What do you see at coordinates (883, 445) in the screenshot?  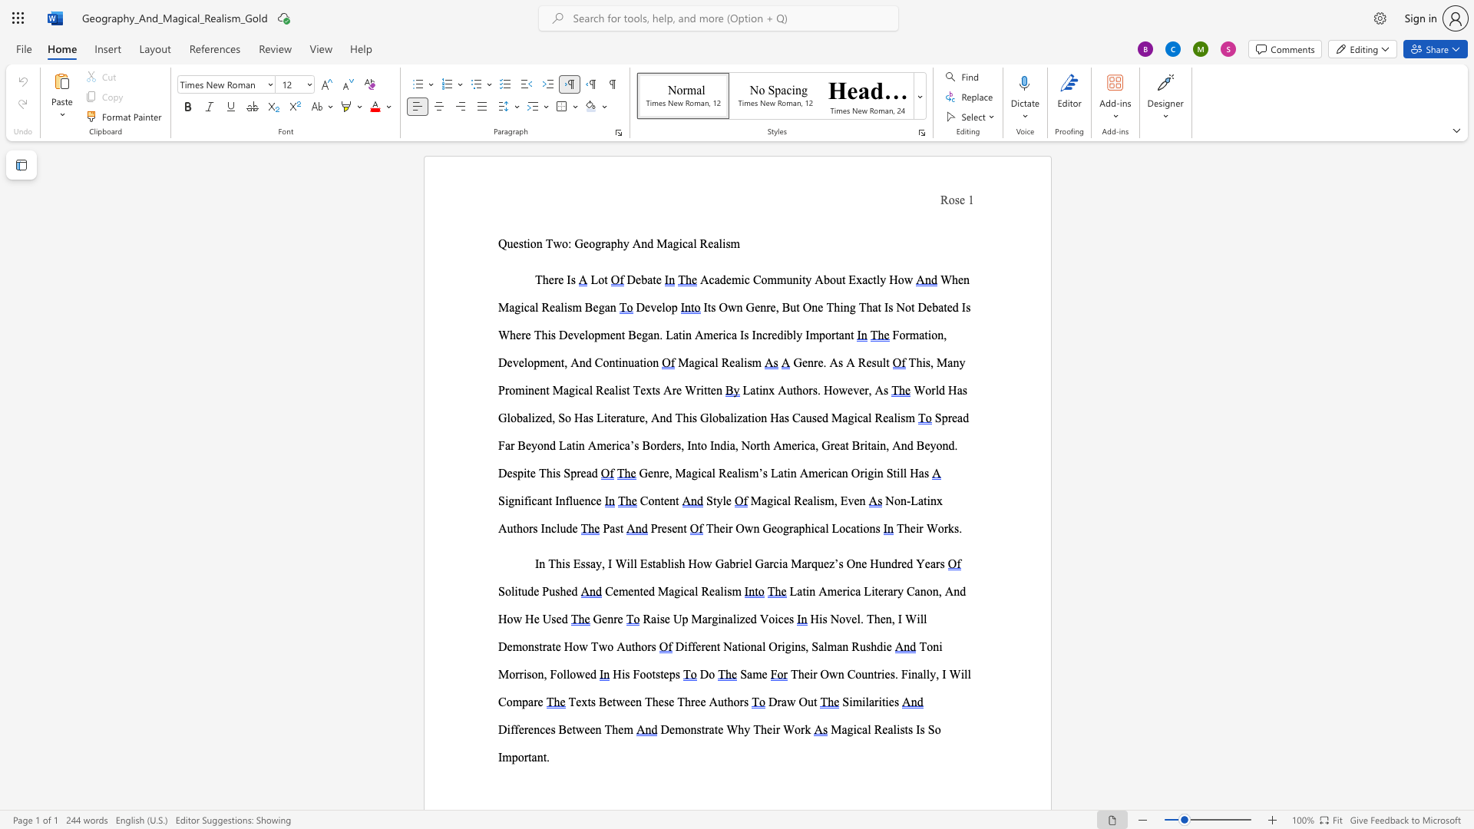 I see `the 5th character "n" in the text` at bounding box center [883, 445].